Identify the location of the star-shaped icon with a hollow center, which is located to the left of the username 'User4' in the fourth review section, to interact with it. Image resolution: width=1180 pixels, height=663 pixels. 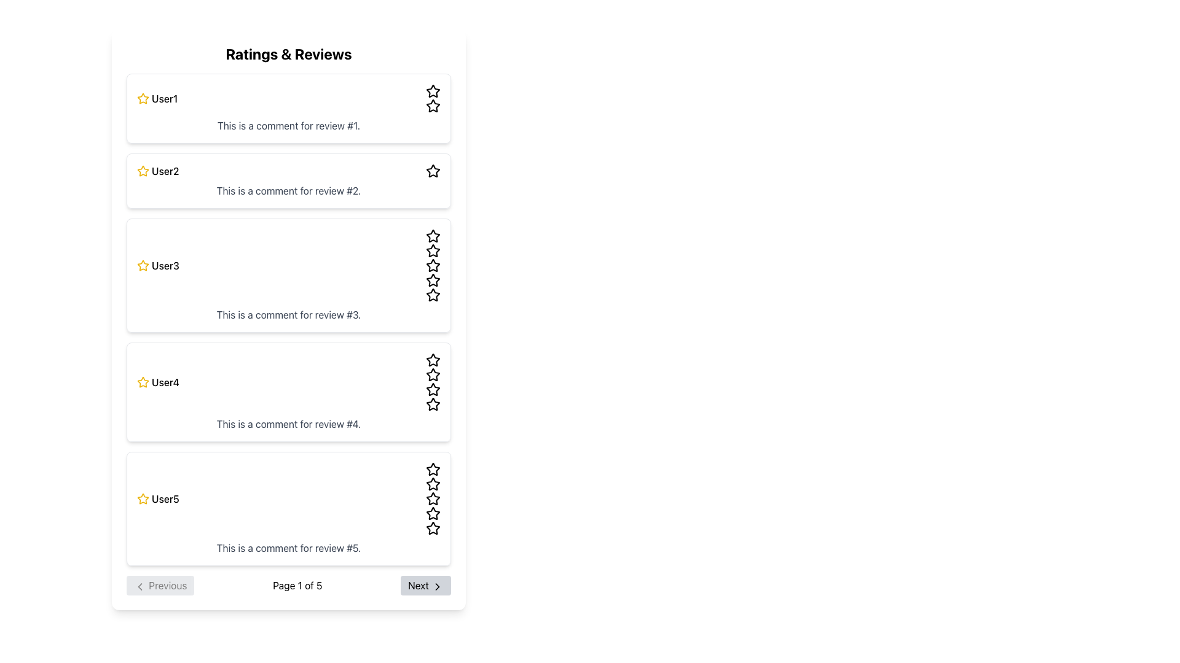
(143, 381).